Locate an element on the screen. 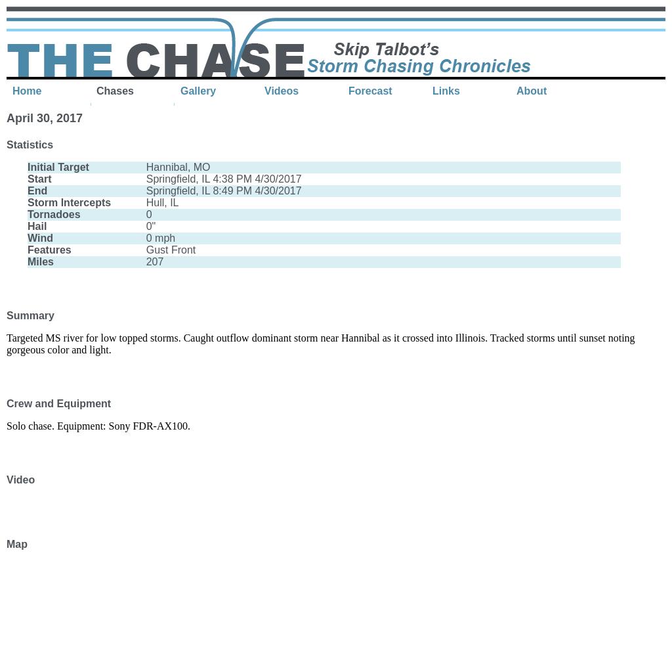 The height and width of the screenshot is (649, 672). '0"' is located at coordinates (145, 226).